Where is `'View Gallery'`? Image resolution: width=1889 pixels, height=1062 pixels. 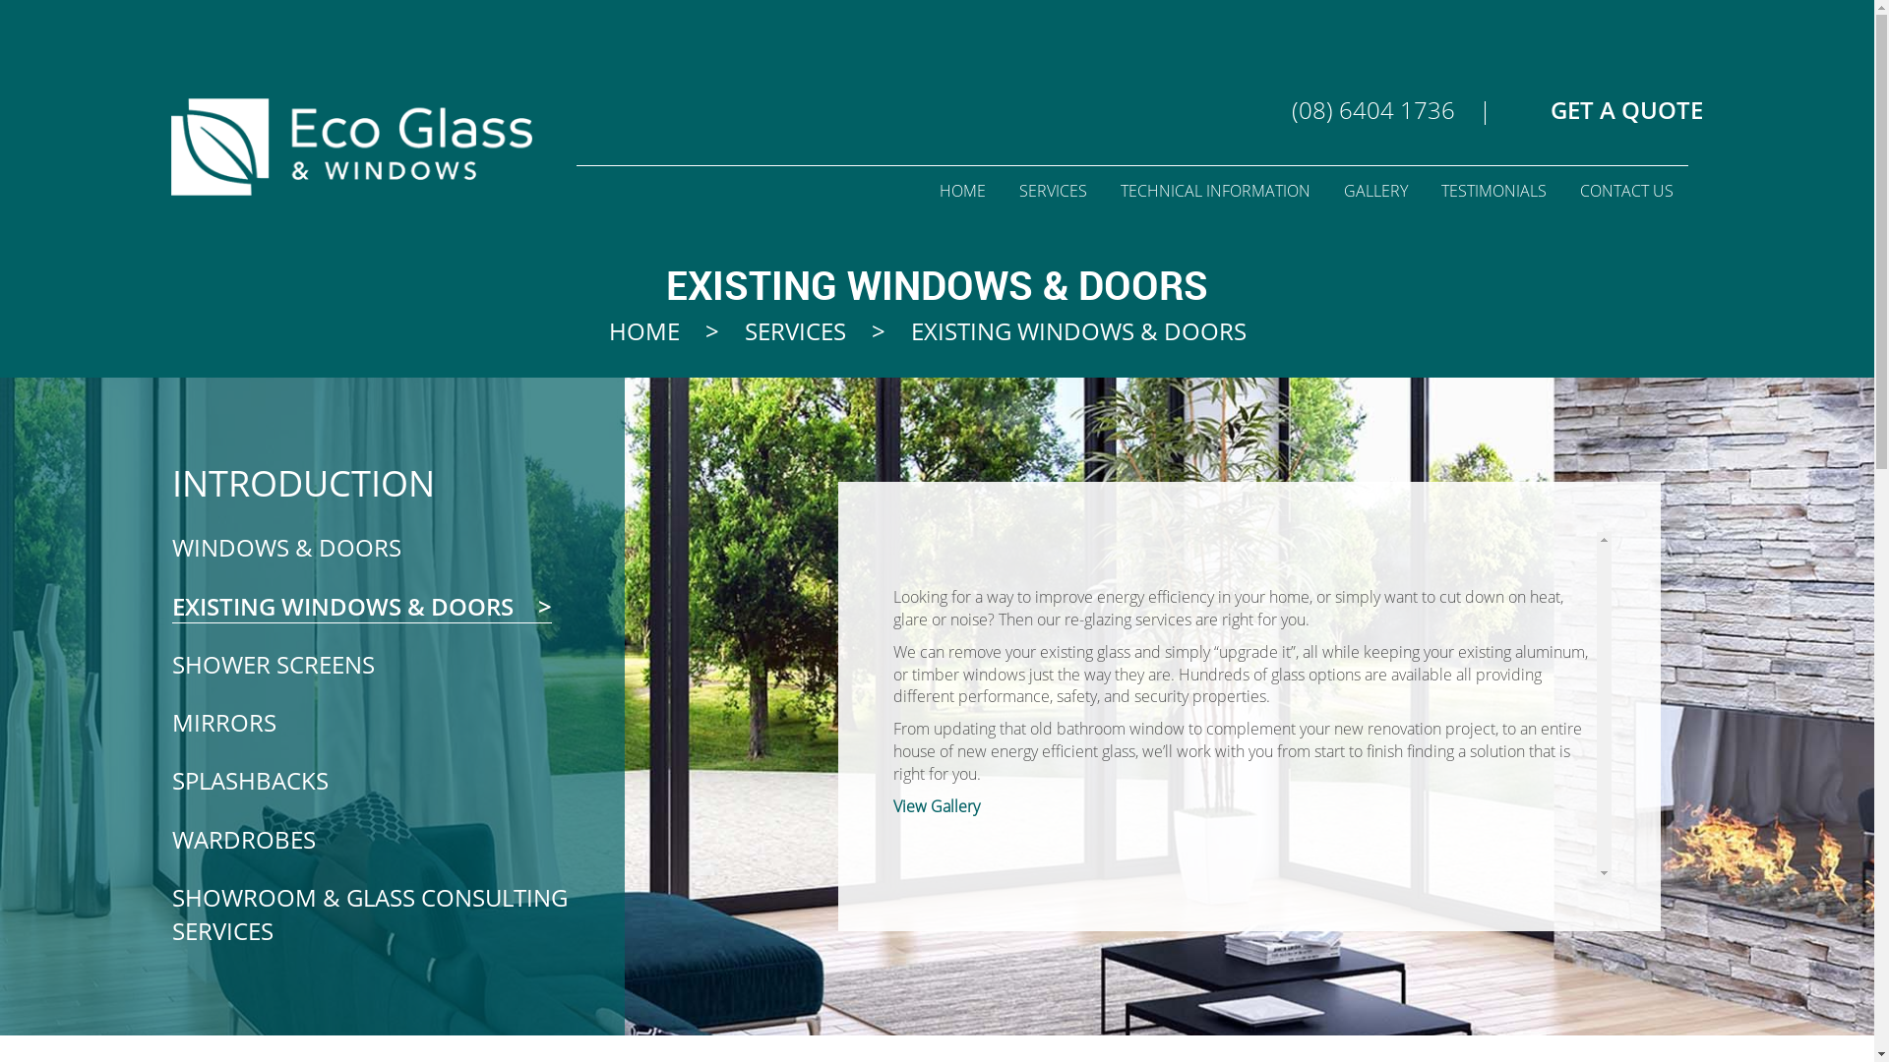
'View Gallery' is located at coordinates (935, 804).